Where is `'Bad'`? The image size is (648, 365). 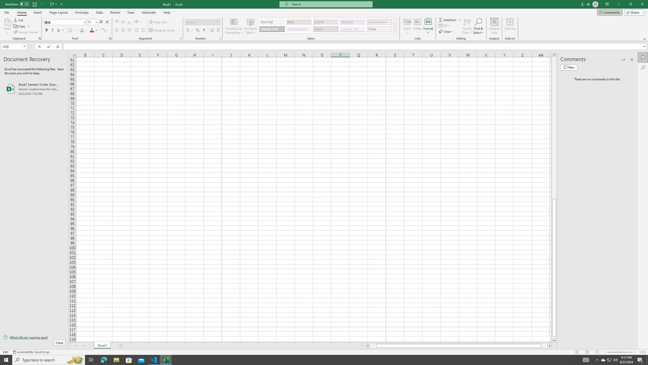 'Bad' is located at coordinates (299, 22).